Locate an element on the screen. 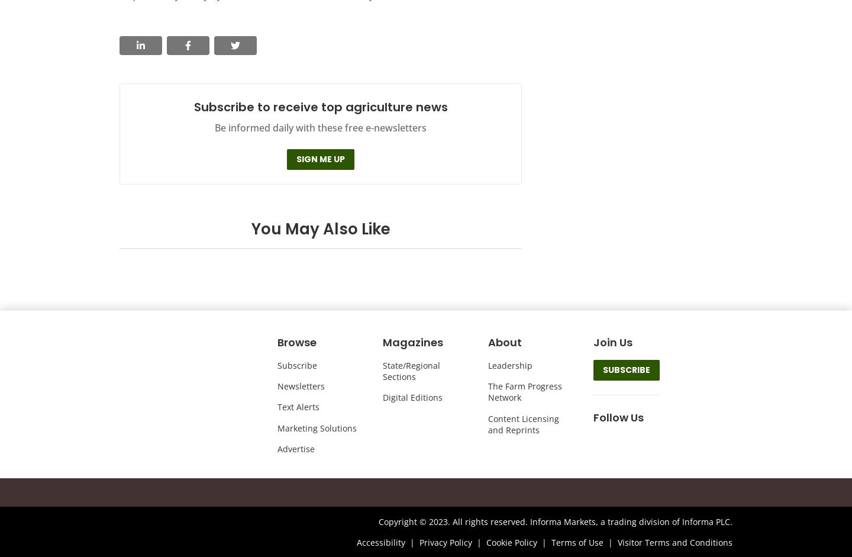  'Terms of Use' is located at coordinates (577, 542).